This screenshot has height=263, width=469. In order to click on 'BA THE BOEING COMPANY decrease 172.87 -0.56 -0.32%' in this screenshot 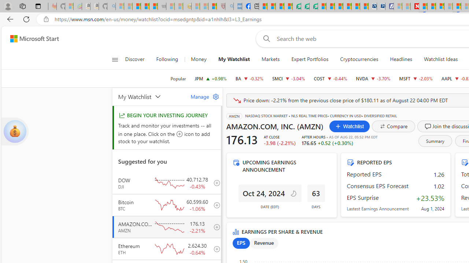, I will do `click(249, 78)`.